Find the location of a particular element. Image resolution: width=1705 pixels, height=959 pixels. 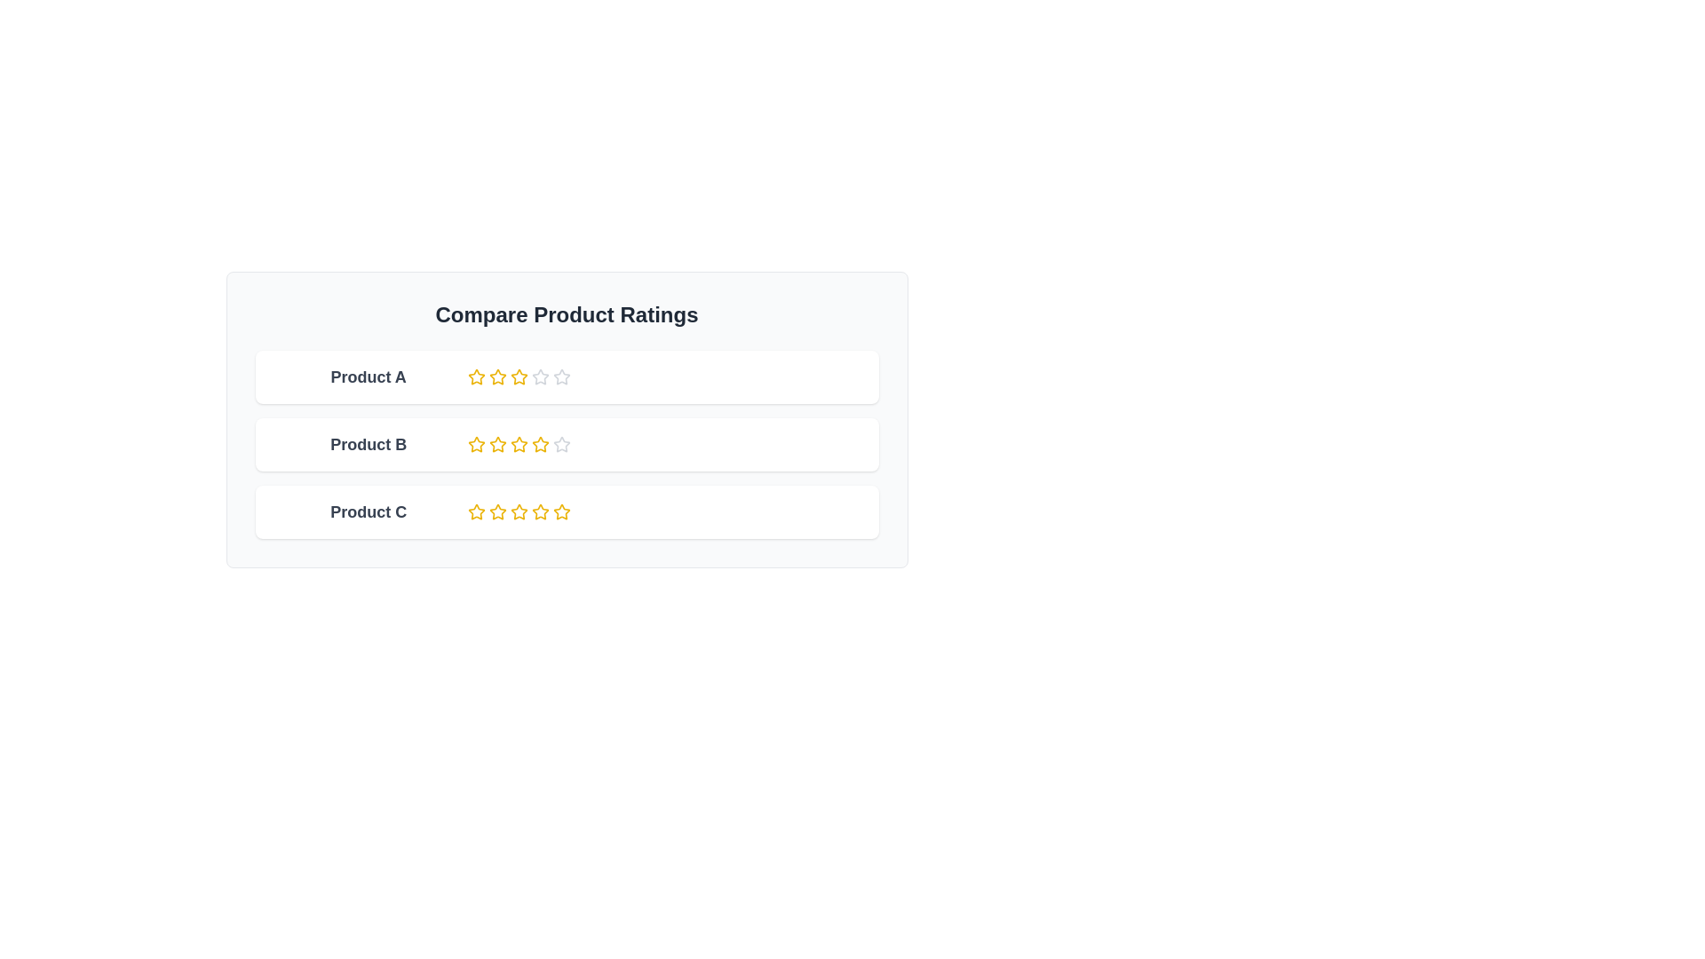

the fifth yellow star-shaped rating icon for Product C in the 'Compare Product Ratings' section is located at coordinates (560, 511).